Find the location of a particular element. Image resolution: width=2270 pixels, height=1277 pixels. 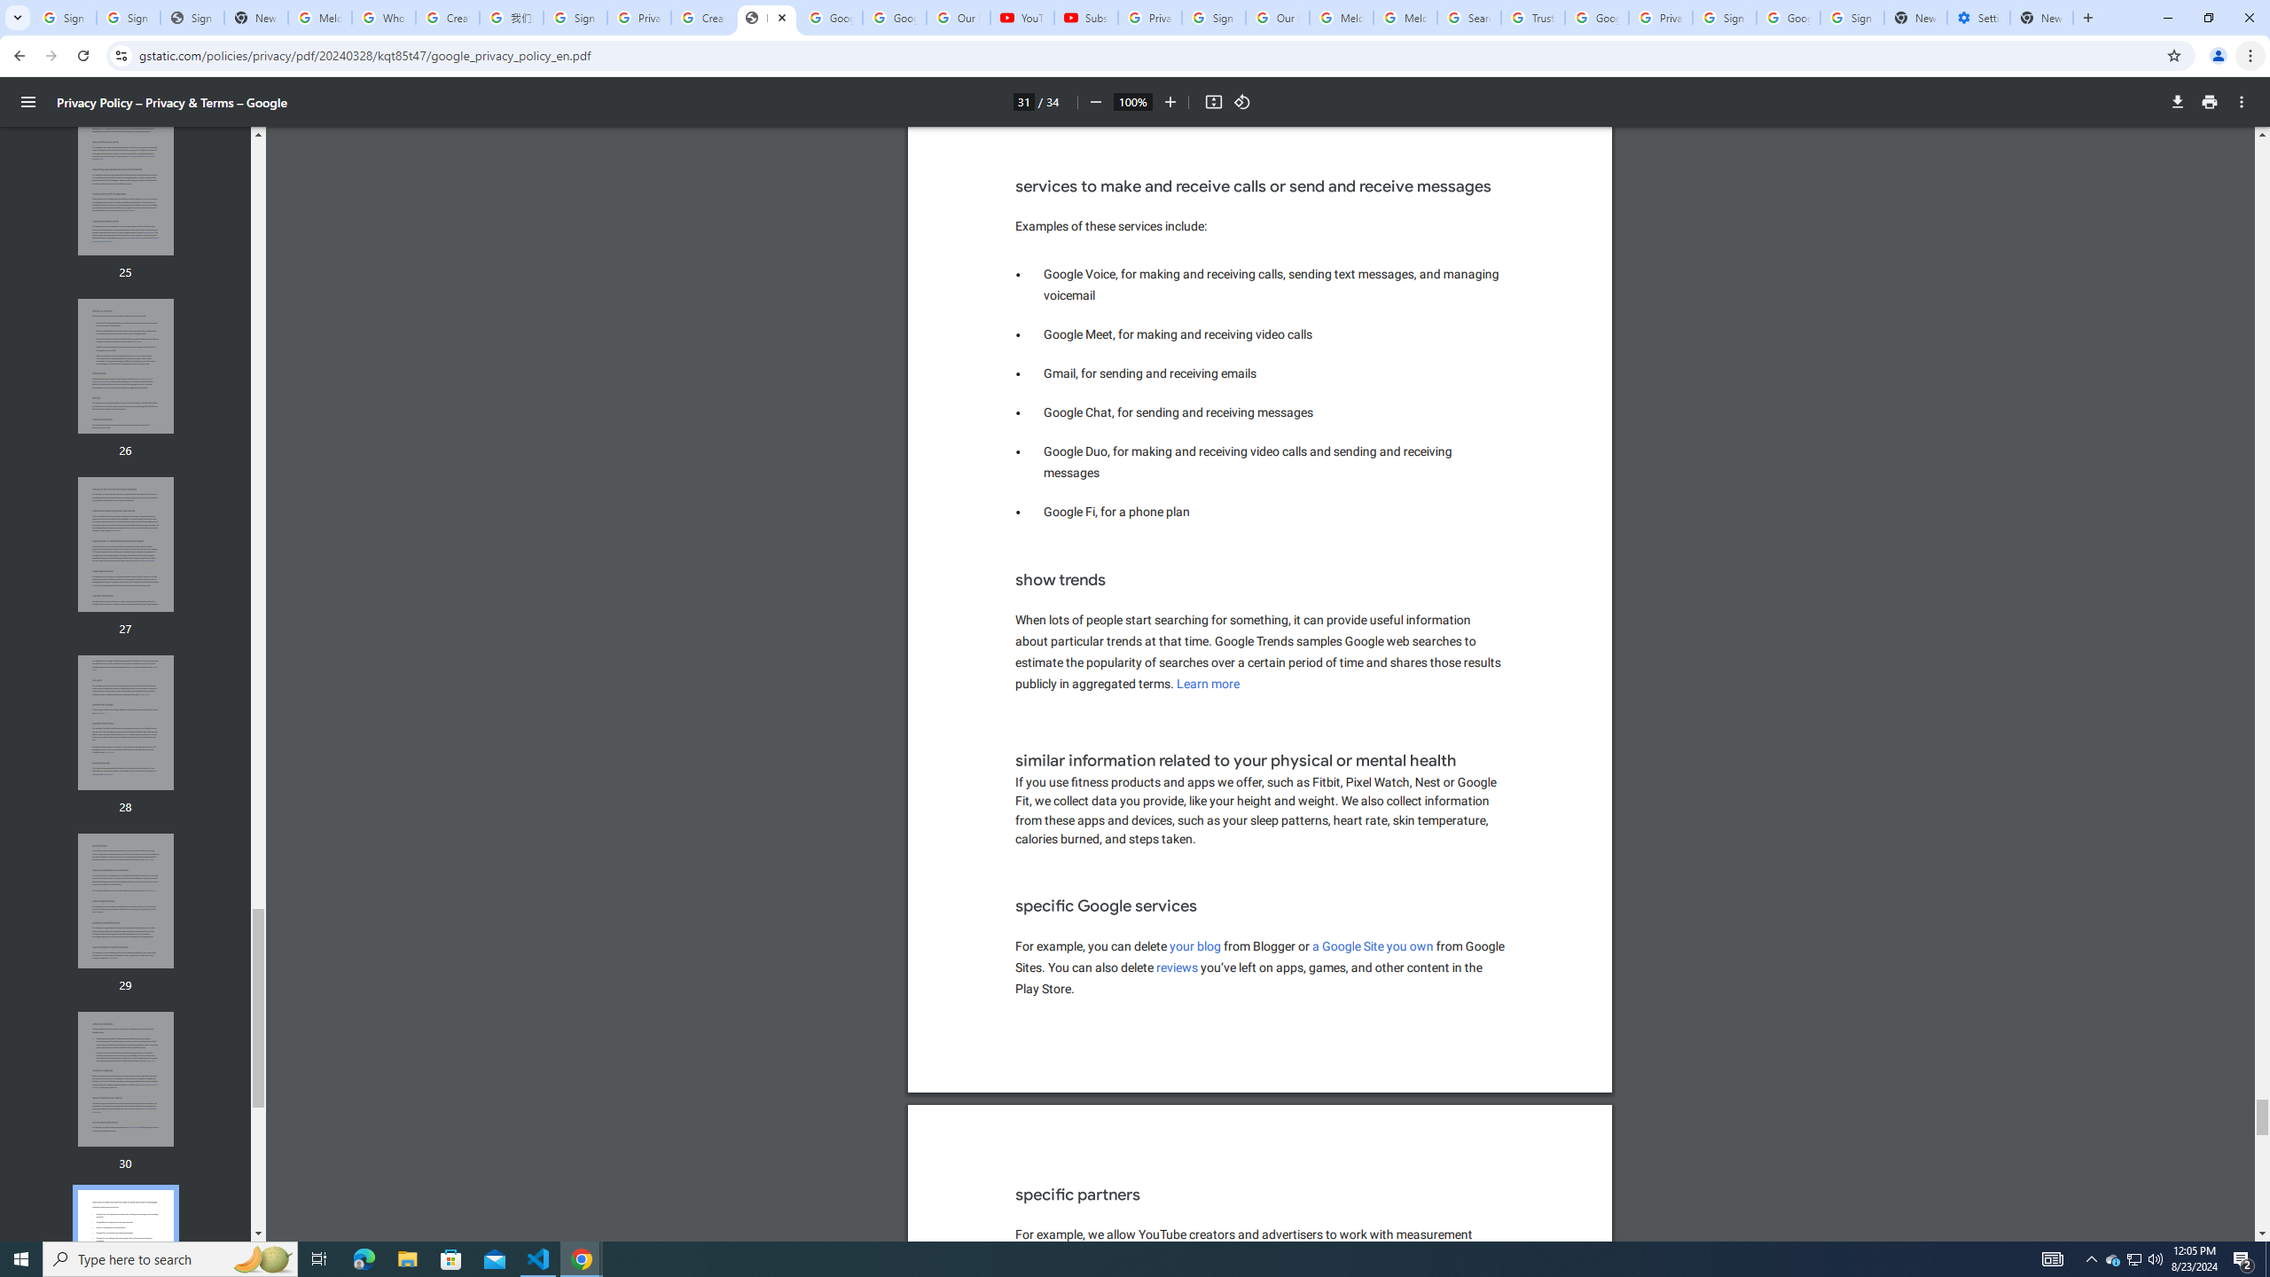

'Page number' is located at coordinates (1022, 101).